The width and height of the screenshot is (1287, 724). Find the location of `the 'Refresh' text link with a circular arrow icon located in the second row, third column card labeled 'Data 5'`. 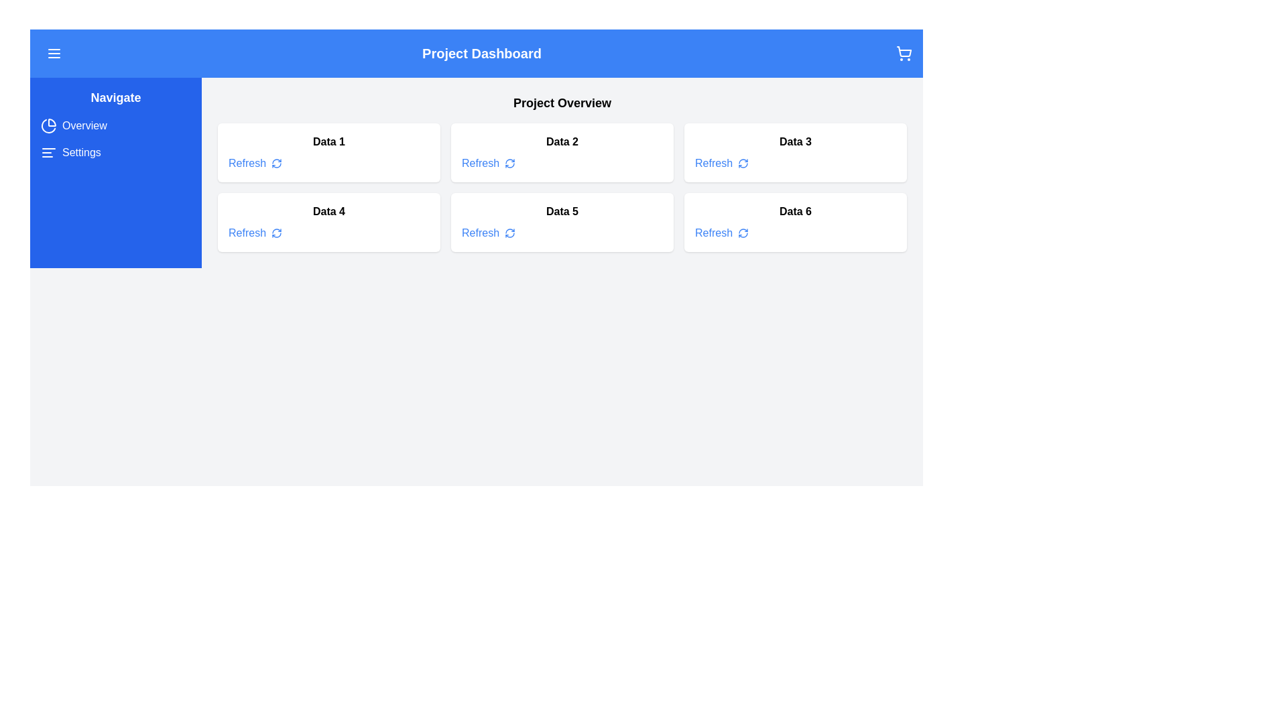

the 'Refresh' text link with a circular arrow icon located in the second row, third column card labeled 'Data 5' is located at coordinates (488, 232).